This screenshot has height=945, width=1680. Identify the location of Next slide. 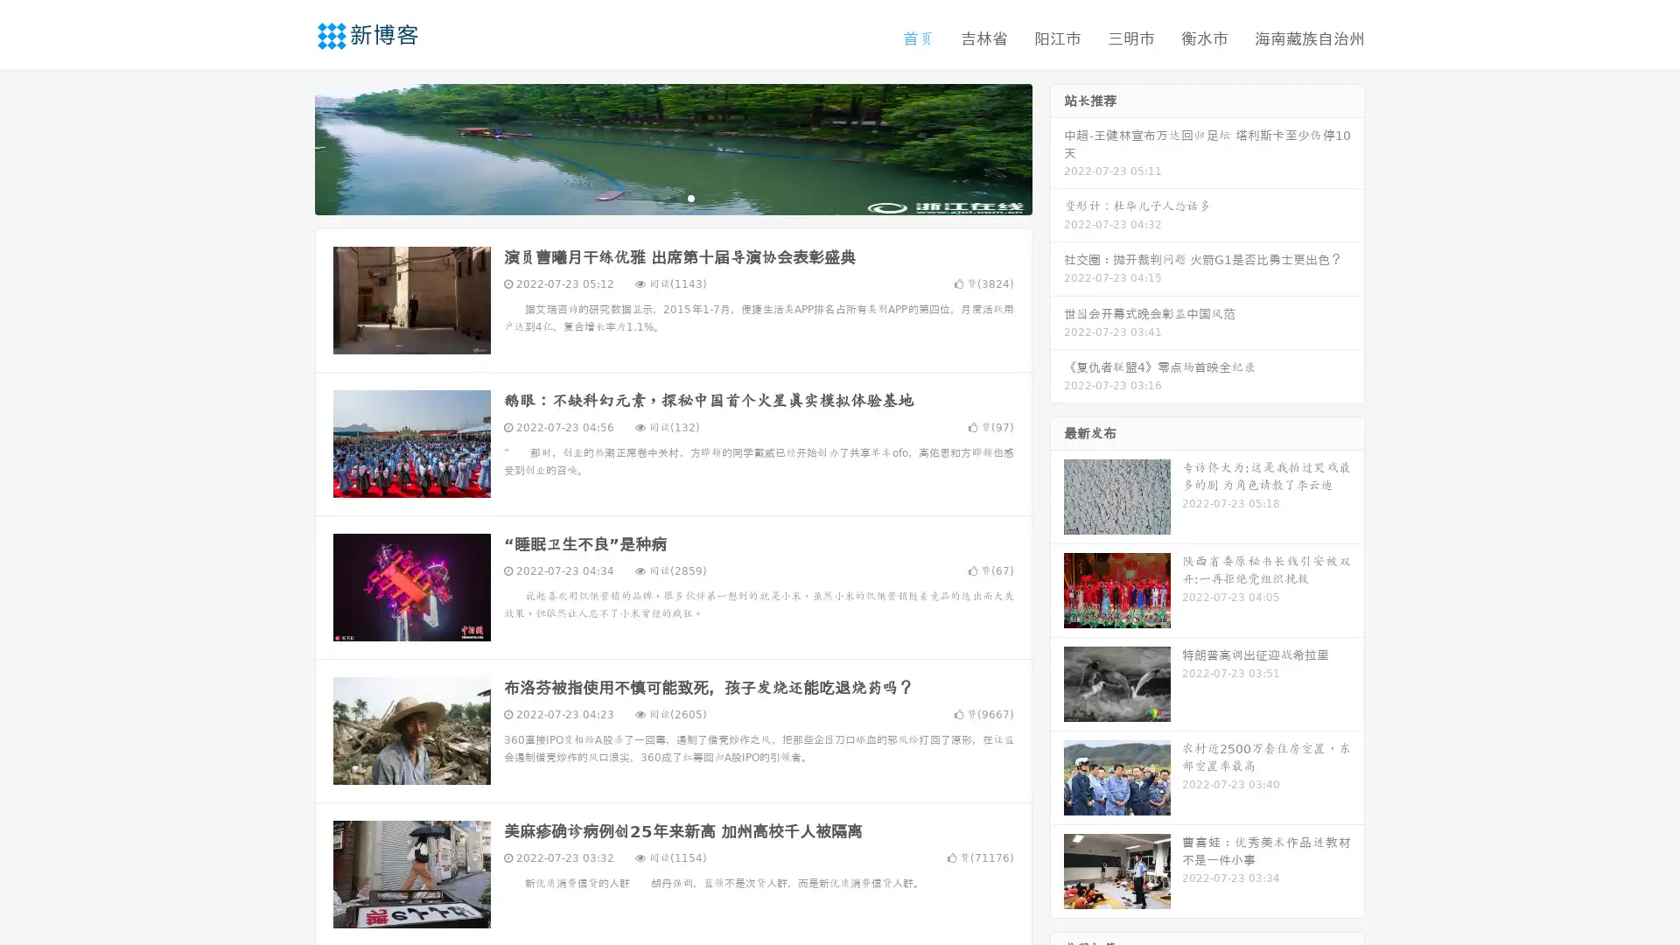
(1057, 147).